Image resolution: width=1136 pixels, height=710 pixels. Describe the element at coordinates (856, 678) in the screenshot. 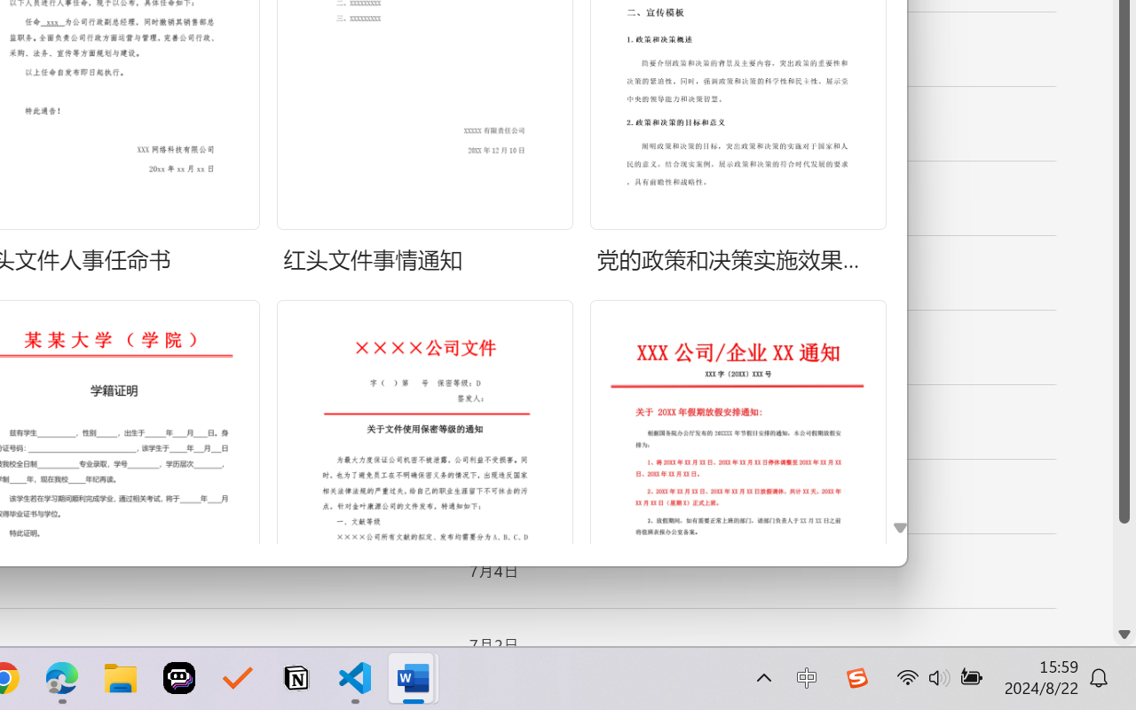

I see `'Class: Image'` at that location.